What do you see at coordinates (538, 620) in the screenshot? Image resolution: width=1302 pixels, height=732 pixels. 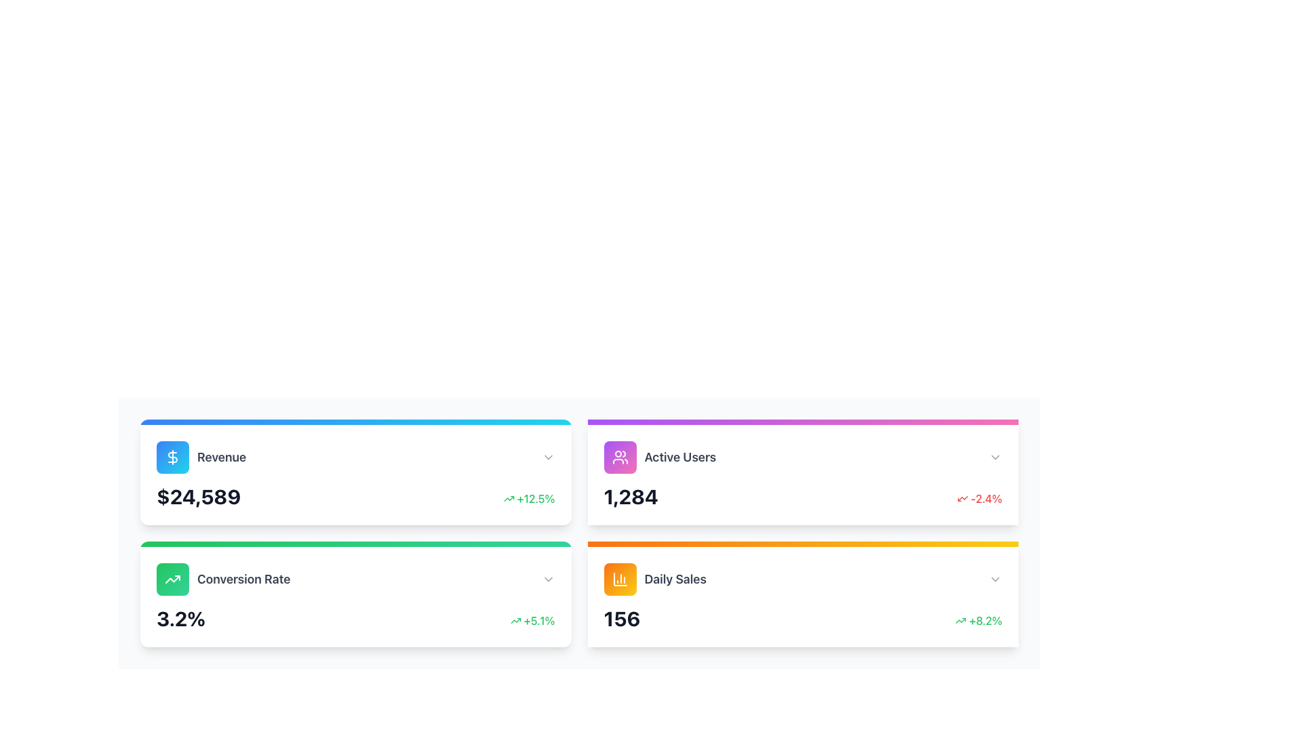 I see `the percentage value text indicating the growth or change in the bottom-left card titled 'Conversion Rate', located to the right of the upward arrow icon` at bounding box center [538, 620].